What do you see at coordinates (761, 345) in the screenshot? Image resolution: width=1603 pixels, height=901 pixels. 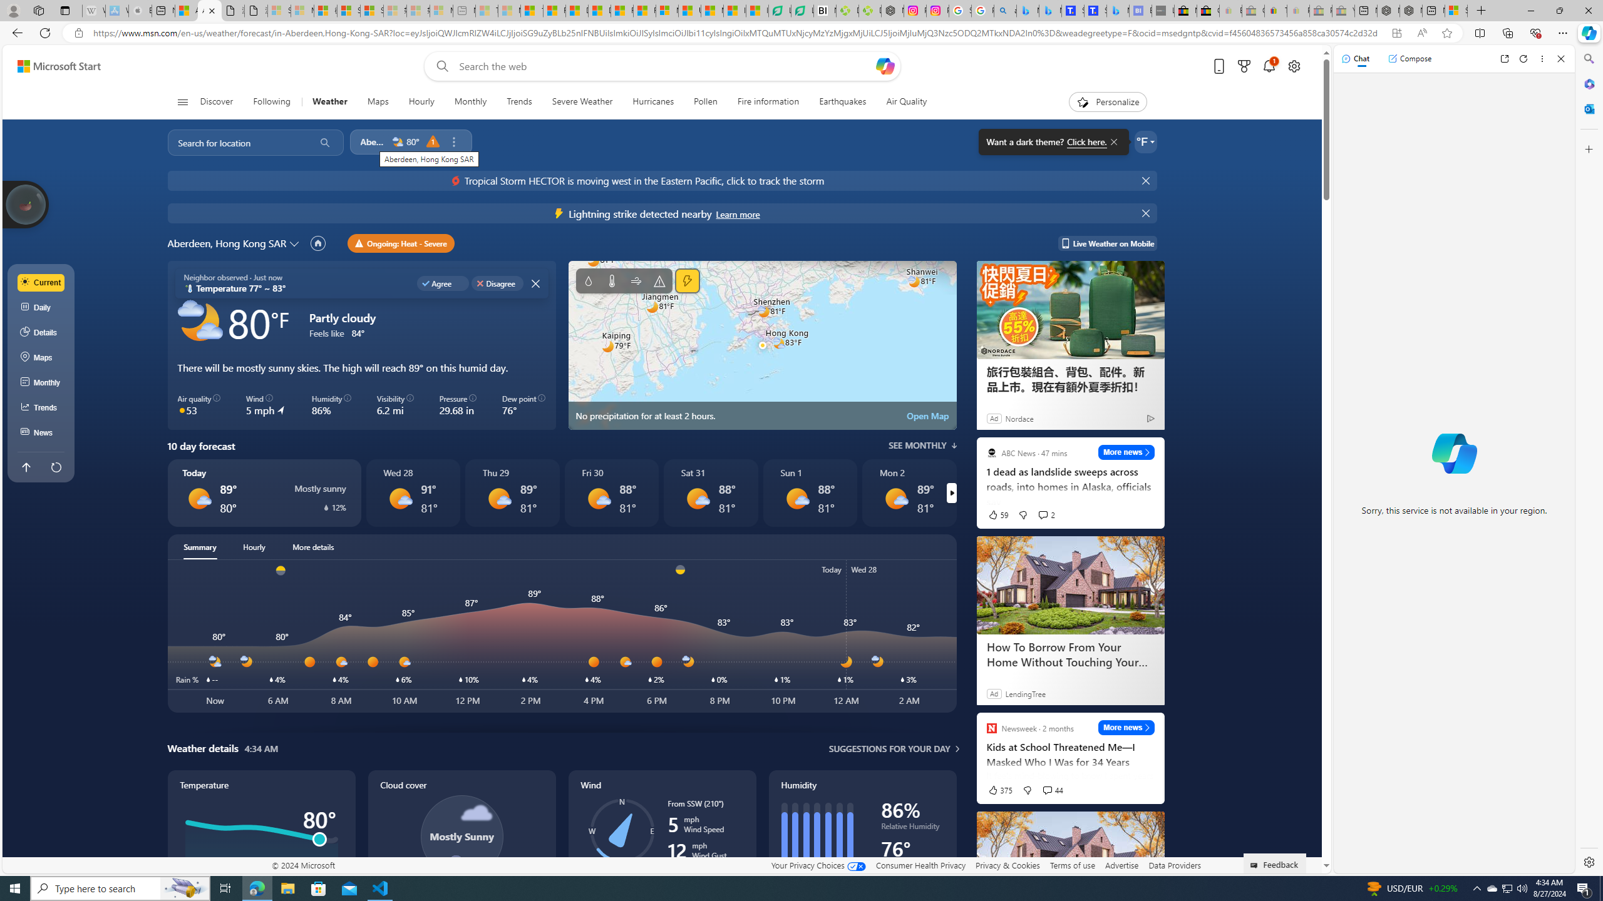 I see `'Class: miniMapRadarSVGView-DS-EntryPoint1-1'` at bounding box center [761, 345].